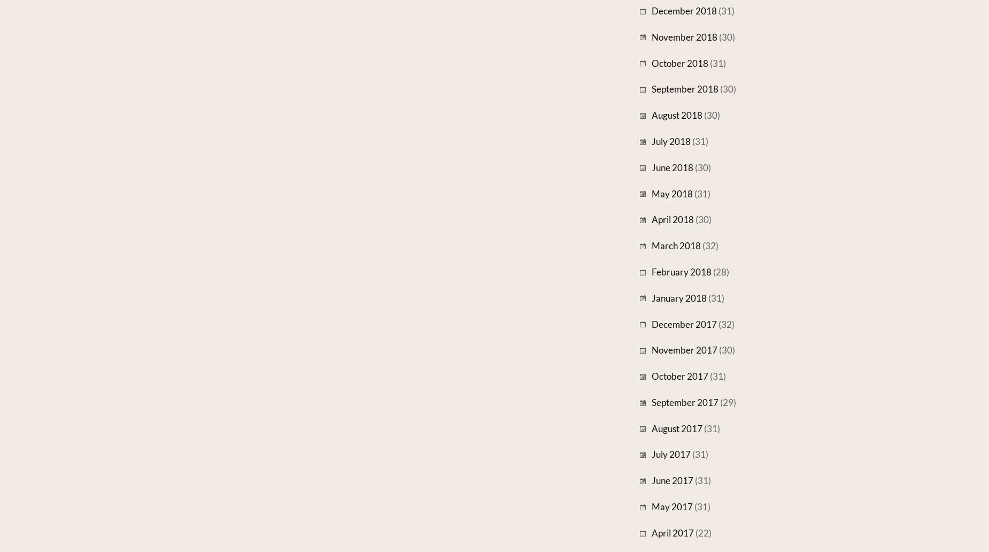  I want to click on 'March 2018', so click(651, 245).